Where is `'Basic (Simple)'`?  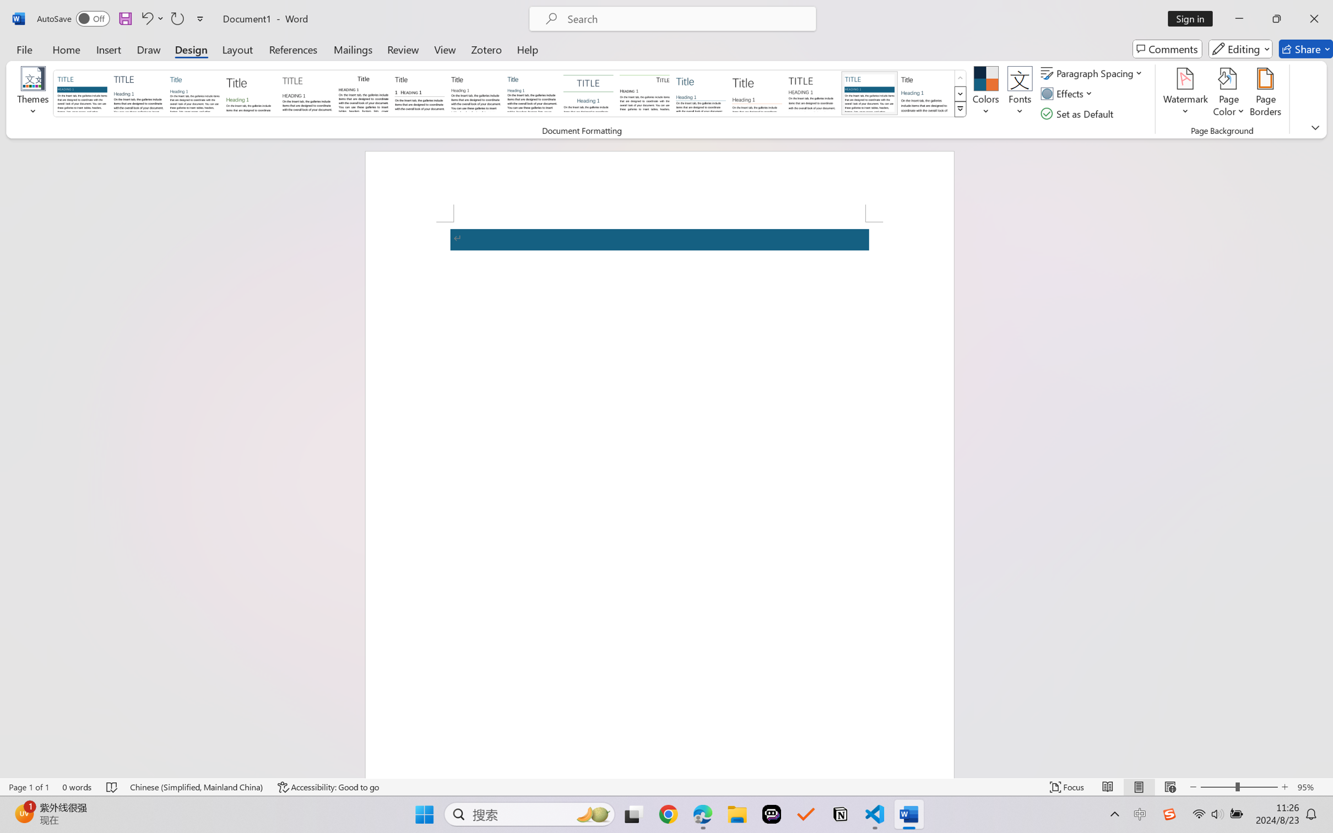 'Basic (Simple)' is located at coordinates (194, 93).